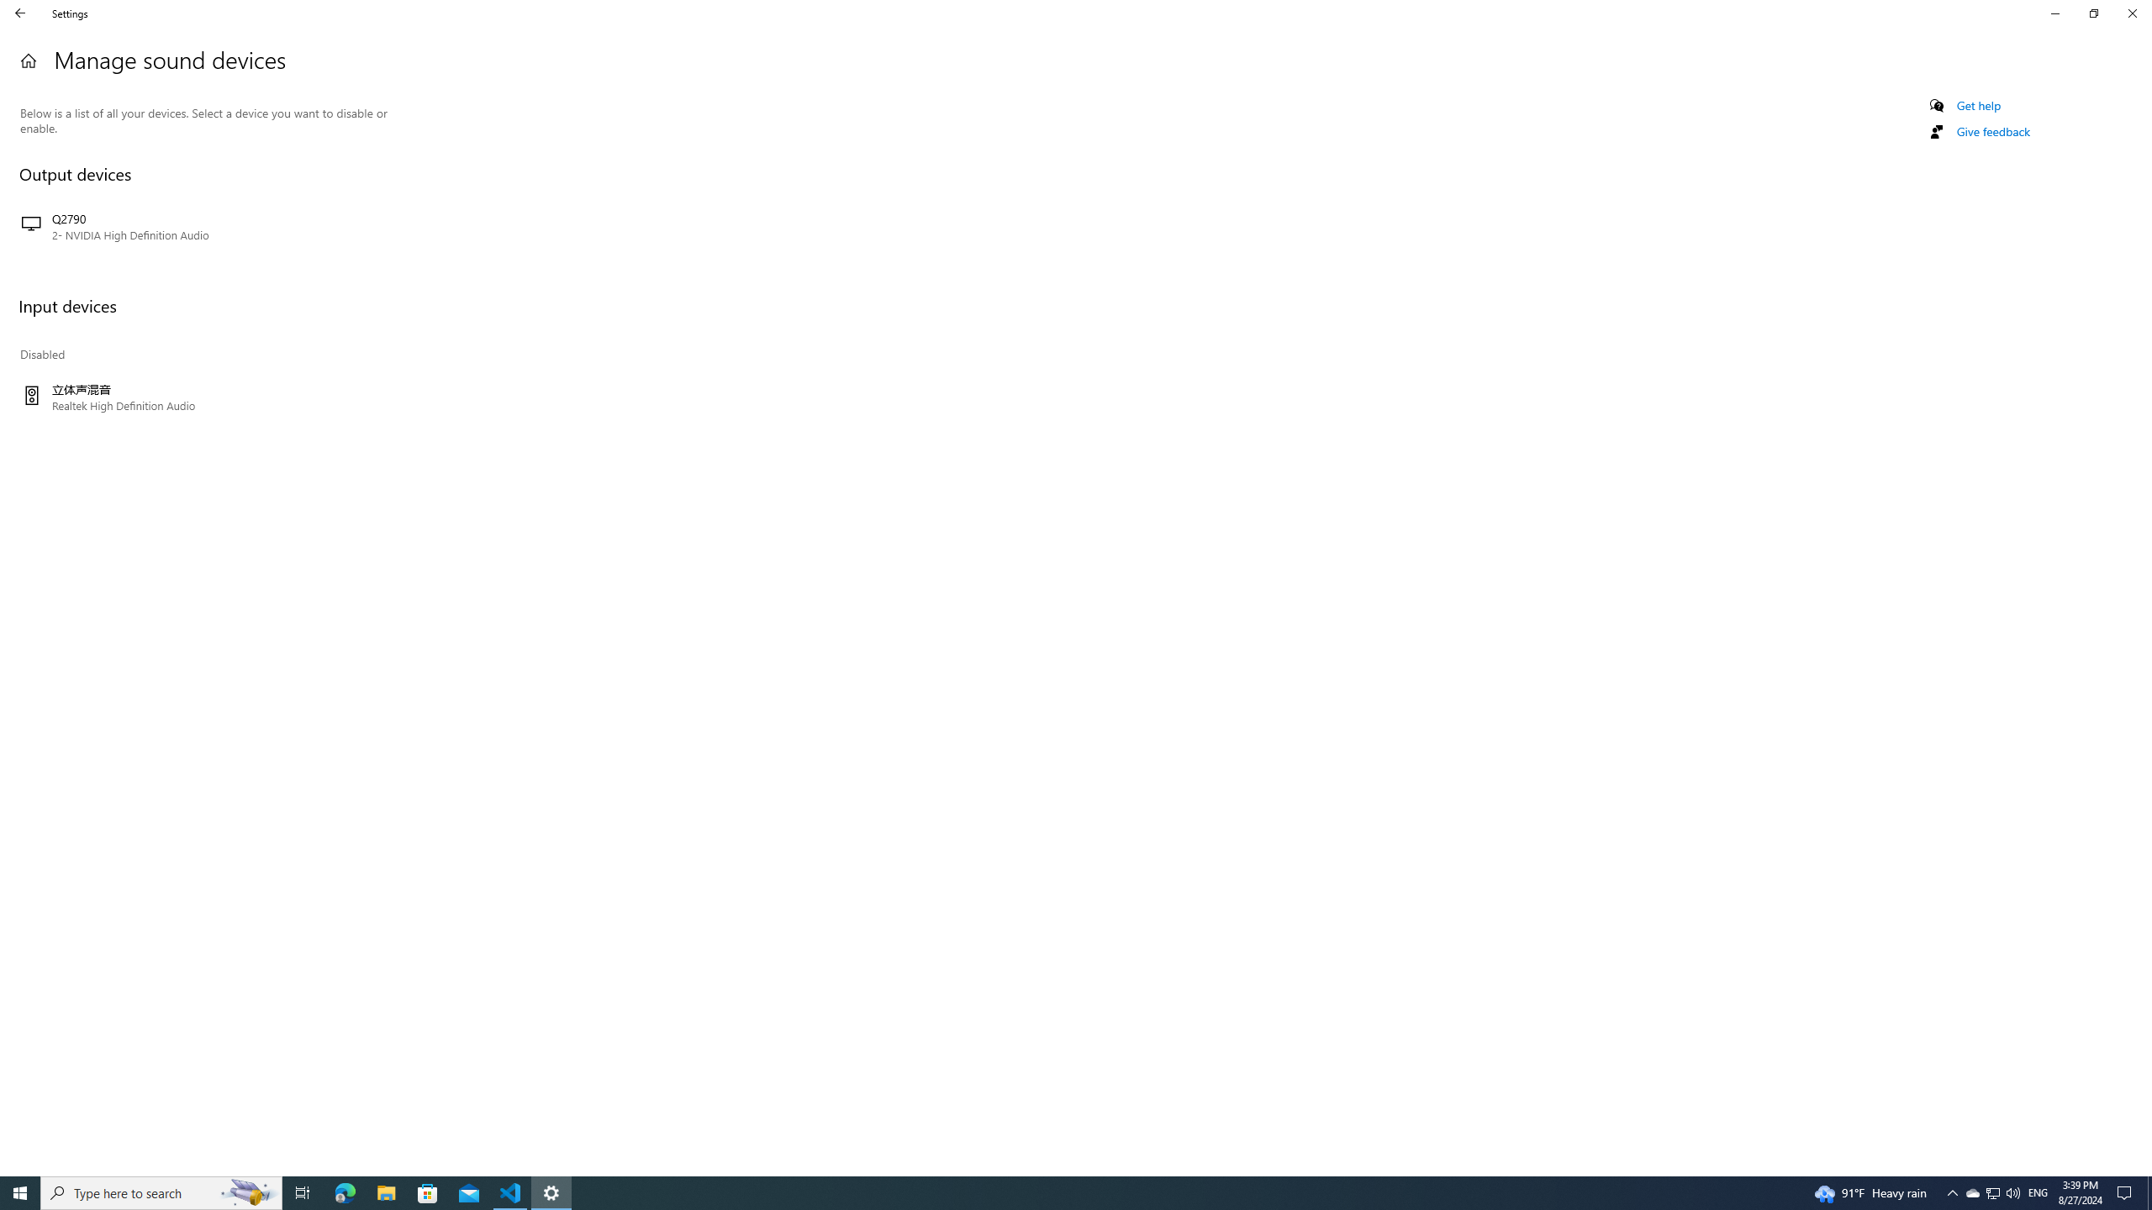 This screenshot has width=2152, height=1210. Describe the element at coordinates (20, 13) in the screenshot. I see `'Back'` at that location.